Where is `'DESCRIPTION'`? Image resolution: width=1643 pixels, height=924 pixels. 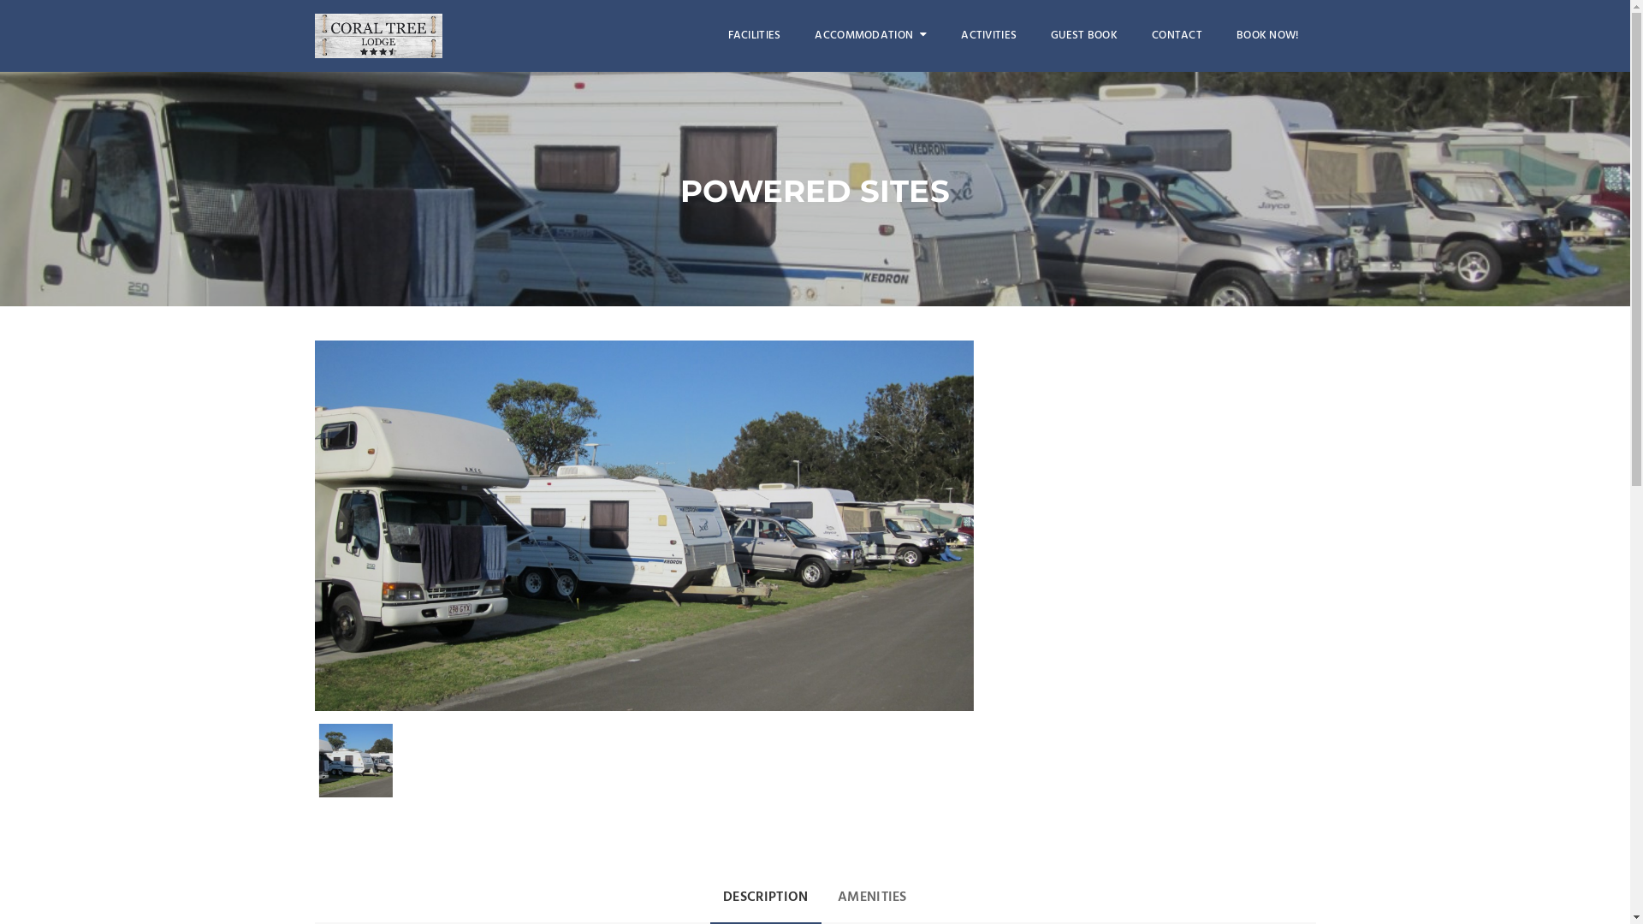
'DESCRIPTION' is located at coordinates (710, 897).